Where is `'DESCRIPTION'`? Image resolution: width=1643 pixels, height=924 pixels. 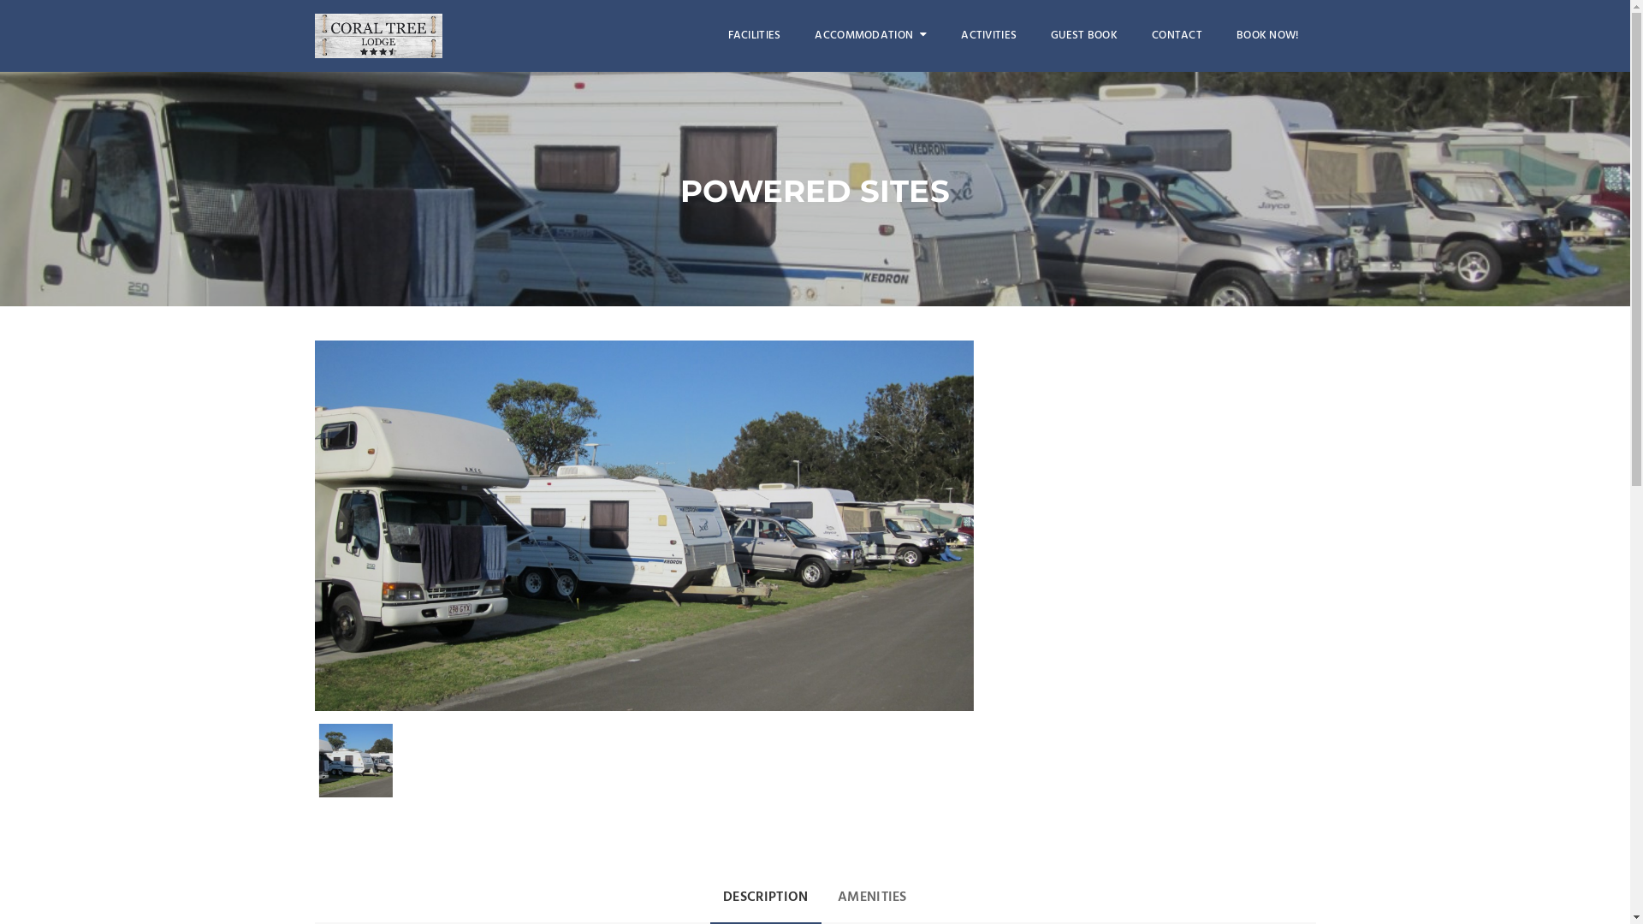
'DESCRIPTION' is located at coordinates (710, 897).